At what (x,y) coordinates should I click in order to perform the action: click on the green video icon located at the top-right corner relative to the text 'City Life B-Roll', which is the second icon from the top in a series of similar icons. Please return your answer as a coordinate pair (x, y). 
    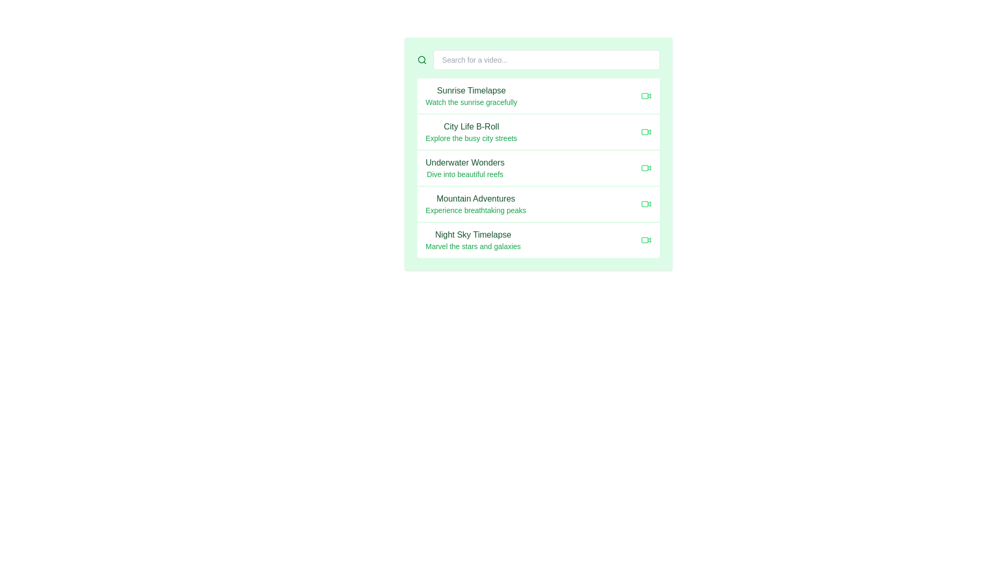
    Looking at the image, I should click on (646, 132).